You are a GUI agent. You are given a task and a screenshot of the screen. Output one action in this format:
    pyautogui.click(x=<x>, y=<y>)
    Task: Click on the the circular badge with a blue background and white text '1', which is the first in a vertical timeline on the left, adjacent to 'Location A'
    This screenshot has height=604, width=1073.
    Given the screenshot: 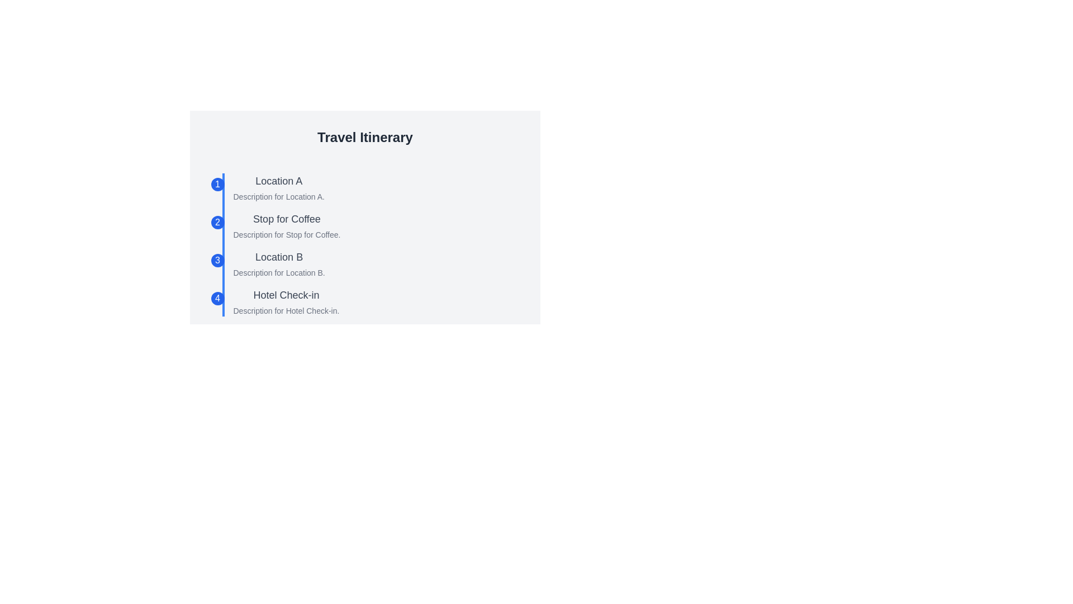 What is the action you would take?
    pyautogui.click(x=217, y=184)
    